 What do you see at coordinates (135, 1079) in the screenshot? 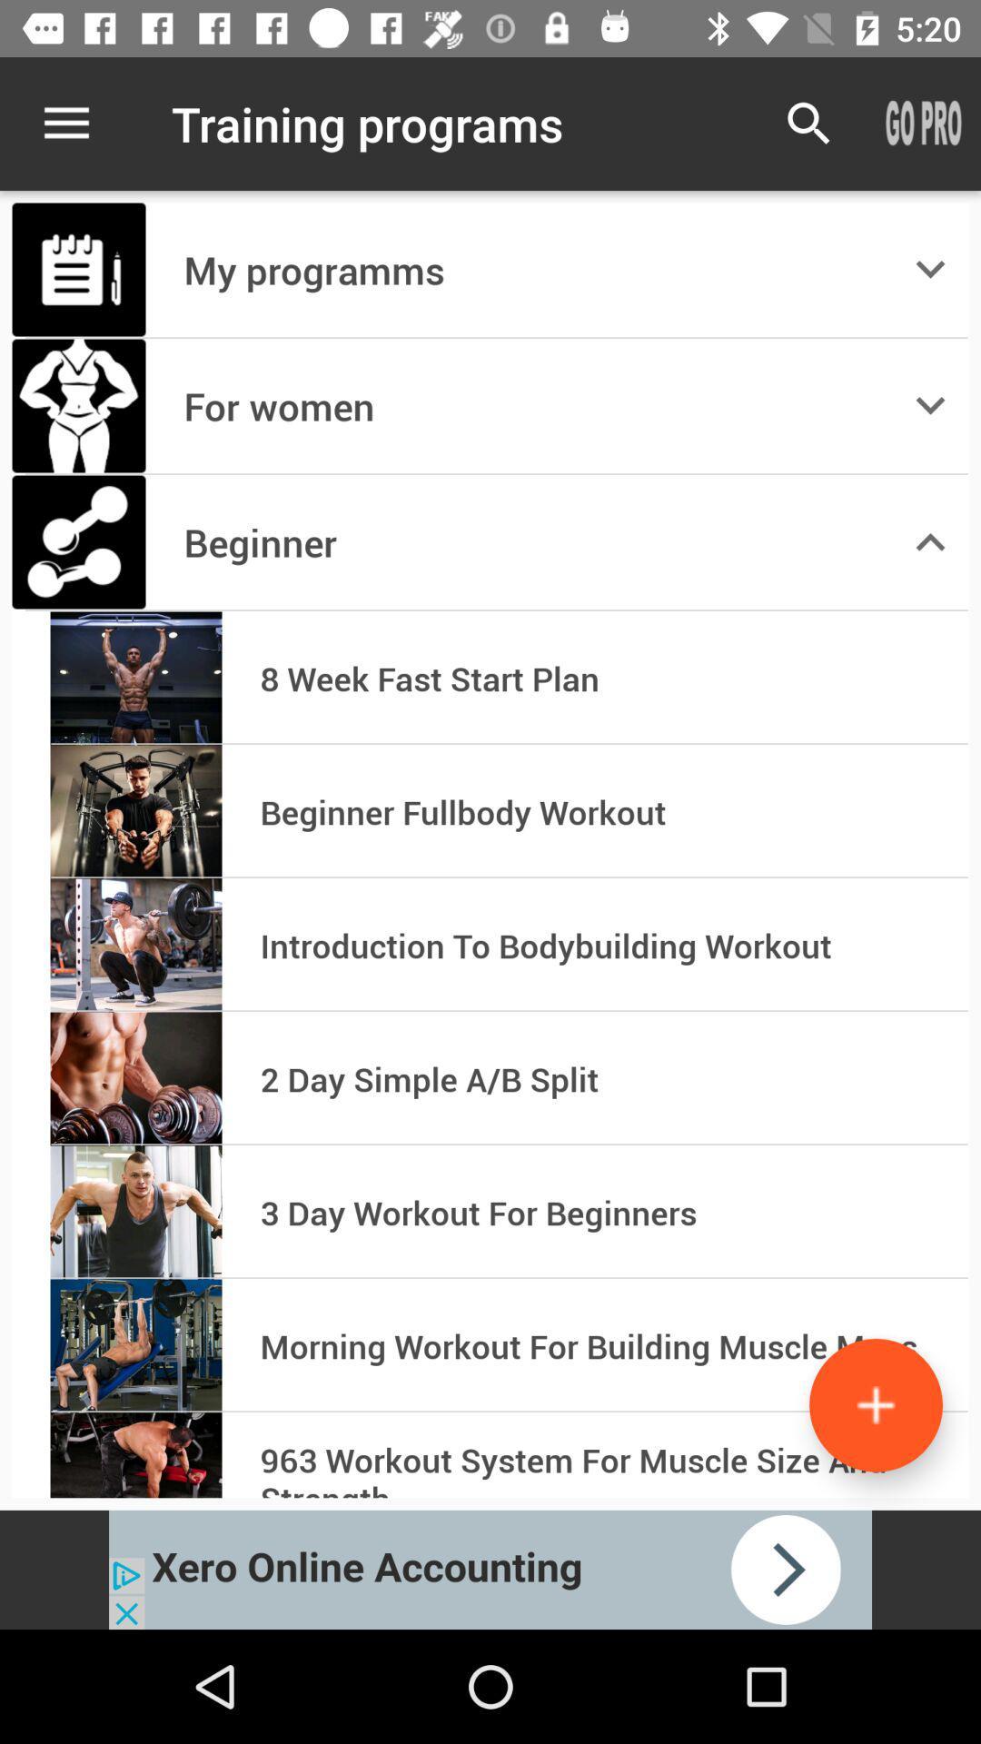
I see `the image which is left hand side of the text 2 day simple ab split` at bounding box center [135, 1079].